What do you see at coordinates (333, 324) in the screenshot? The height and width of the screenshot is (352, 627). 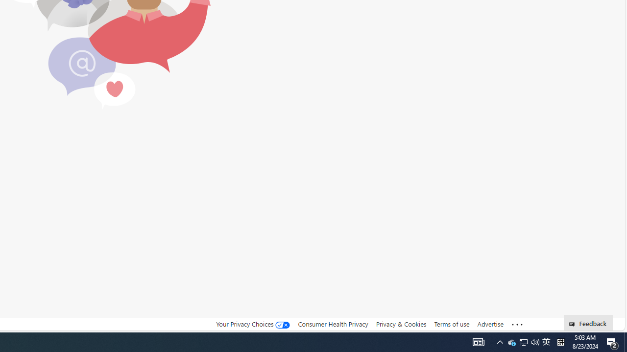 I see `'Consumer Health Privacy'` at bounding box center [333, 324].